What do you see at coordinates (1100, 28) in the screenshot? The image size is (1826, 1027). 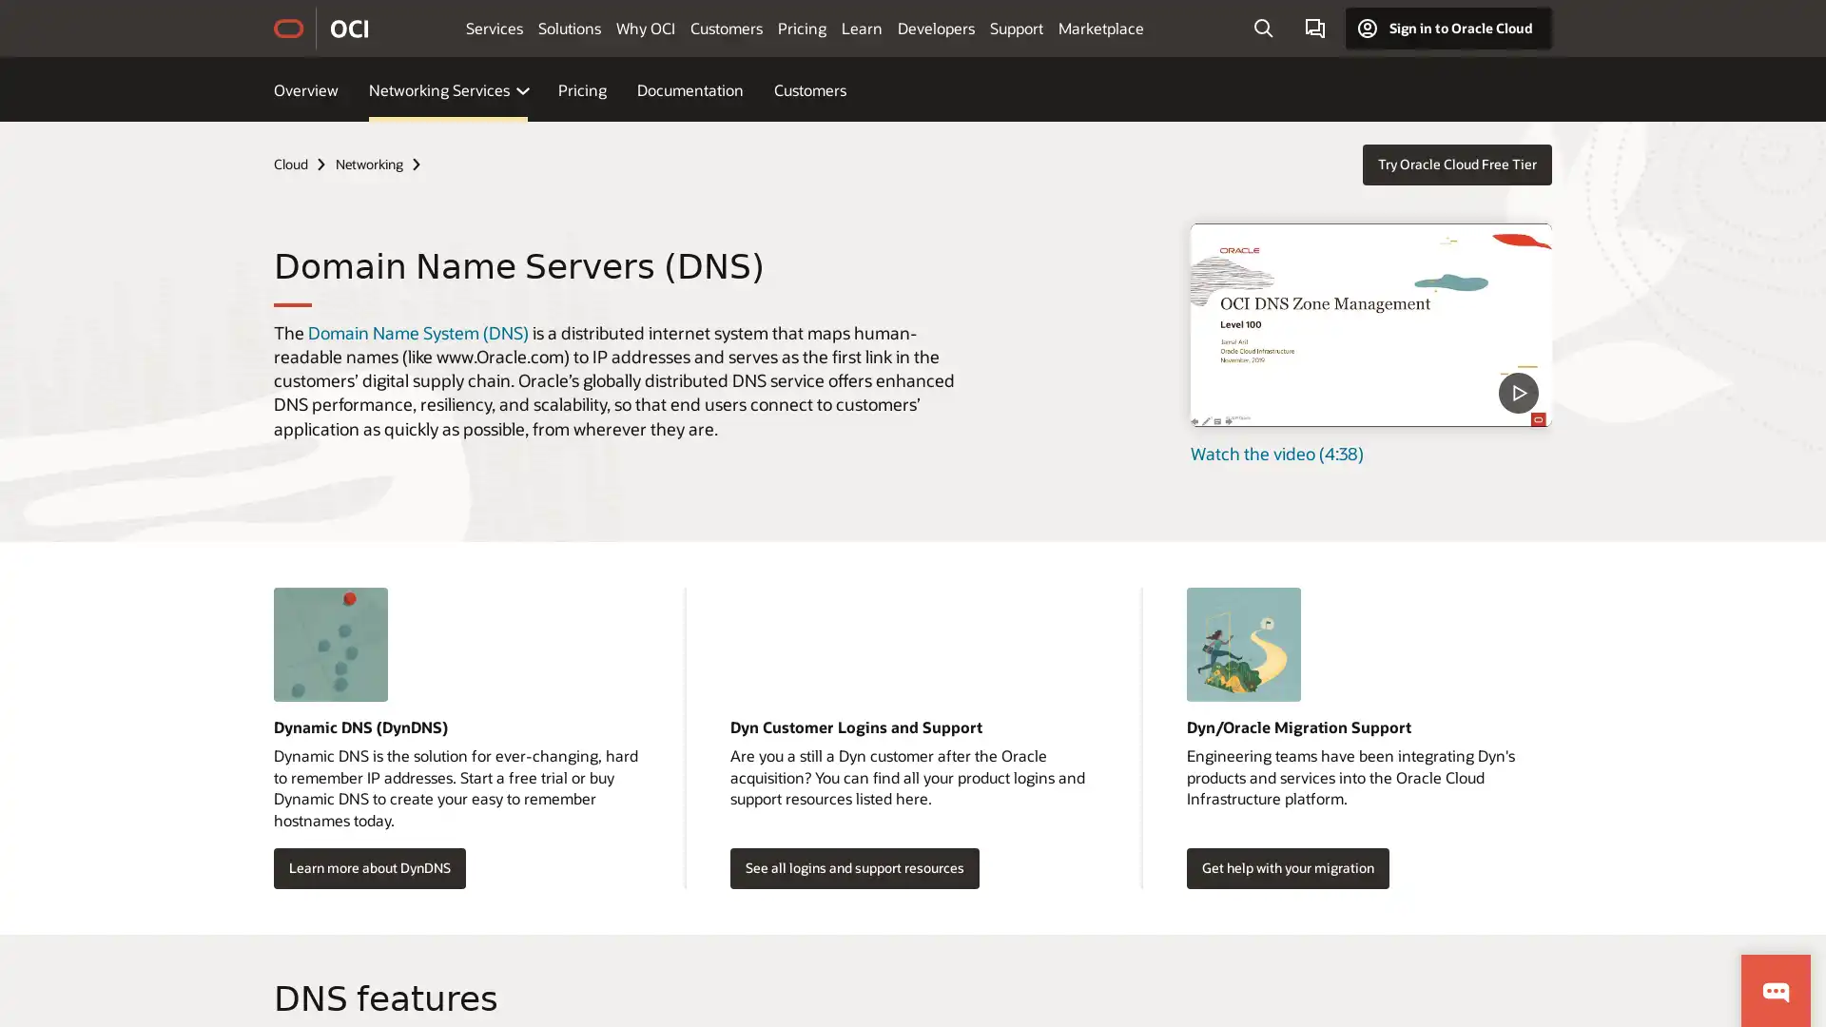 I see `Marketplace` at bounding box center [1100, 28].